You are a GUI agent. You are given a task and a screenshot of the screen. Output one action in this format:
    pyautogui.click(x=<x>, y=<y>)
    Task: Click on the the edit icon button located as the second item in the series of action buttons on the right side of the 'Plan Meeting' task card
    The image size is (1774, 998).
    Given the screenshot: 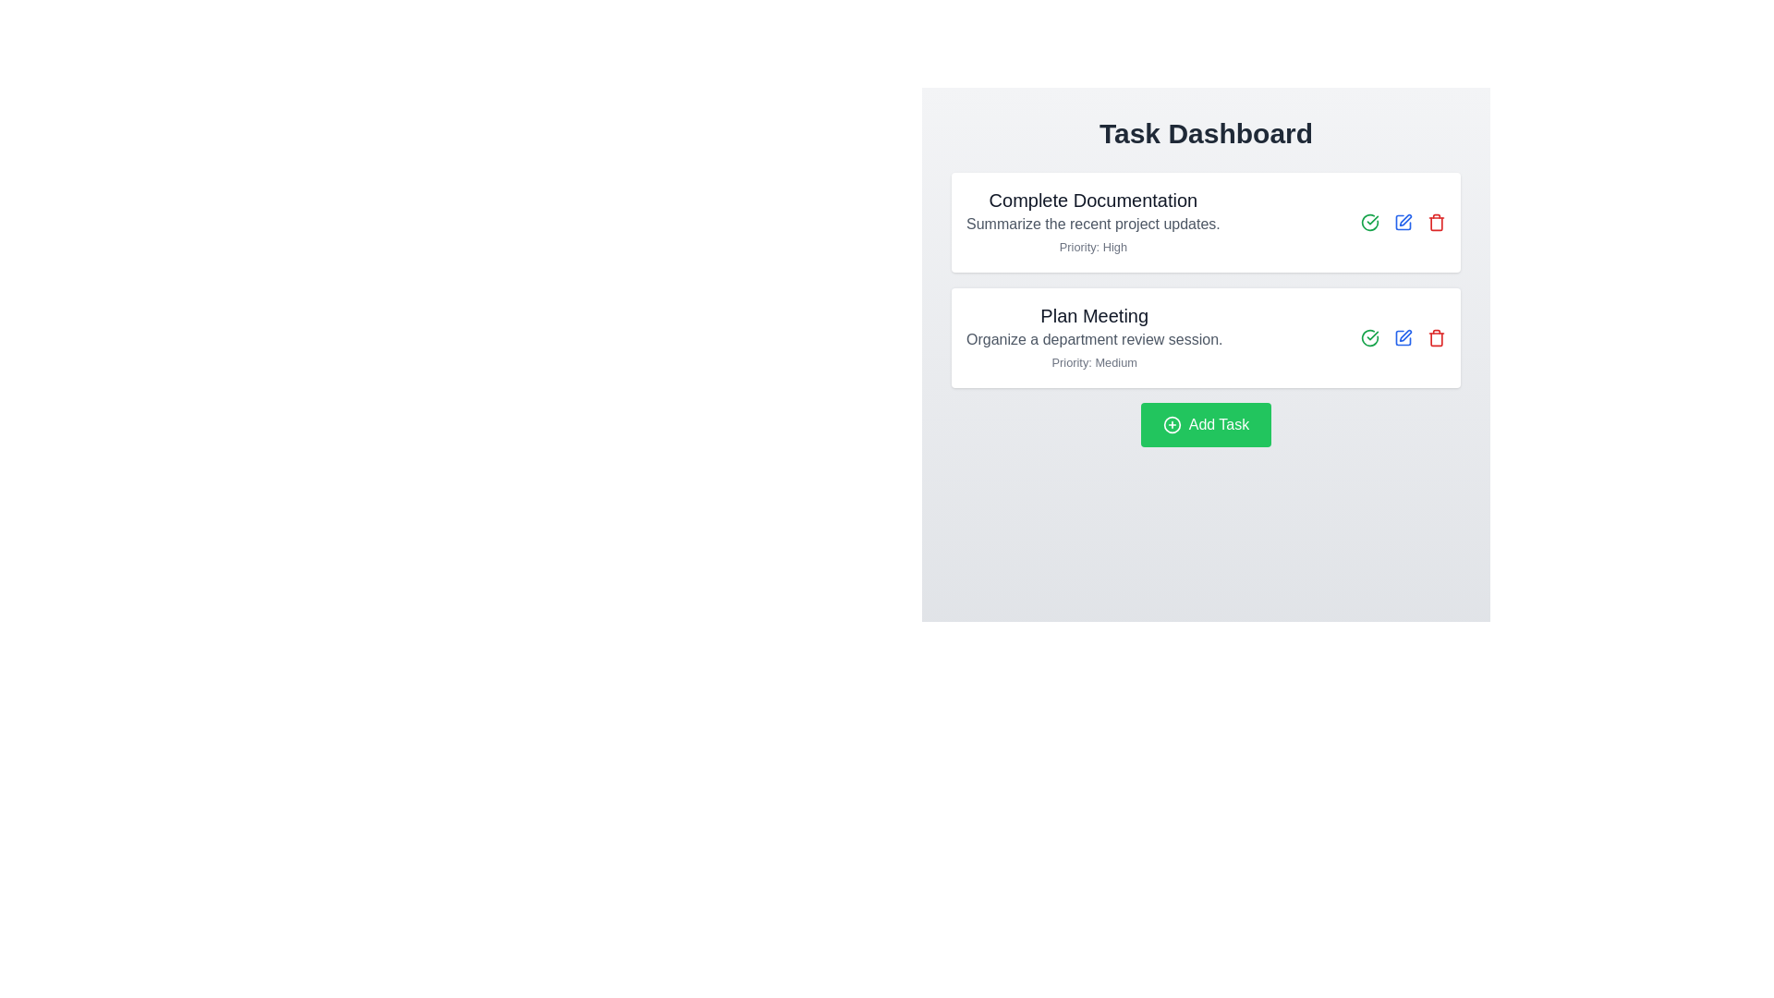 What is the action you would take?
    pyautogui.click(x=1403, y=338)
    